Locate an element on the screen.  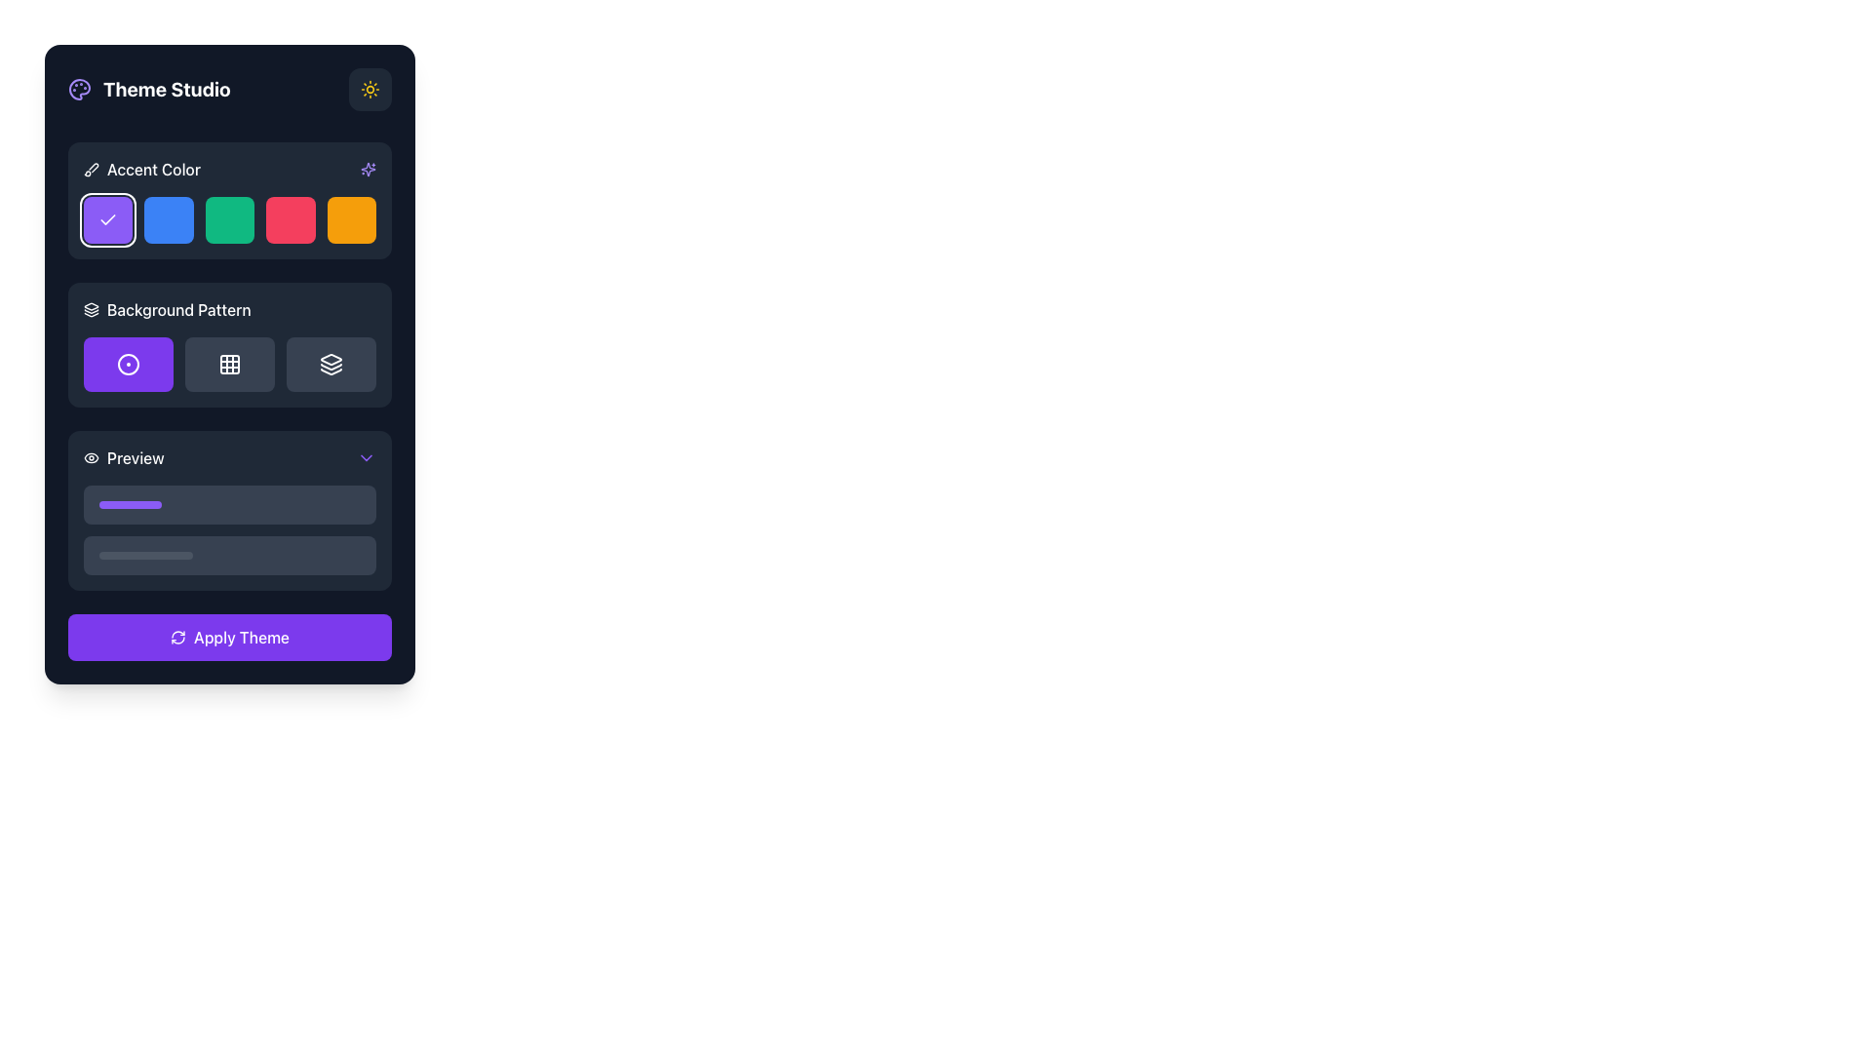
the 'Apply Theme' button, which has a purple background, white text, and a circular arrow icon is located at coordinates (229, 638).